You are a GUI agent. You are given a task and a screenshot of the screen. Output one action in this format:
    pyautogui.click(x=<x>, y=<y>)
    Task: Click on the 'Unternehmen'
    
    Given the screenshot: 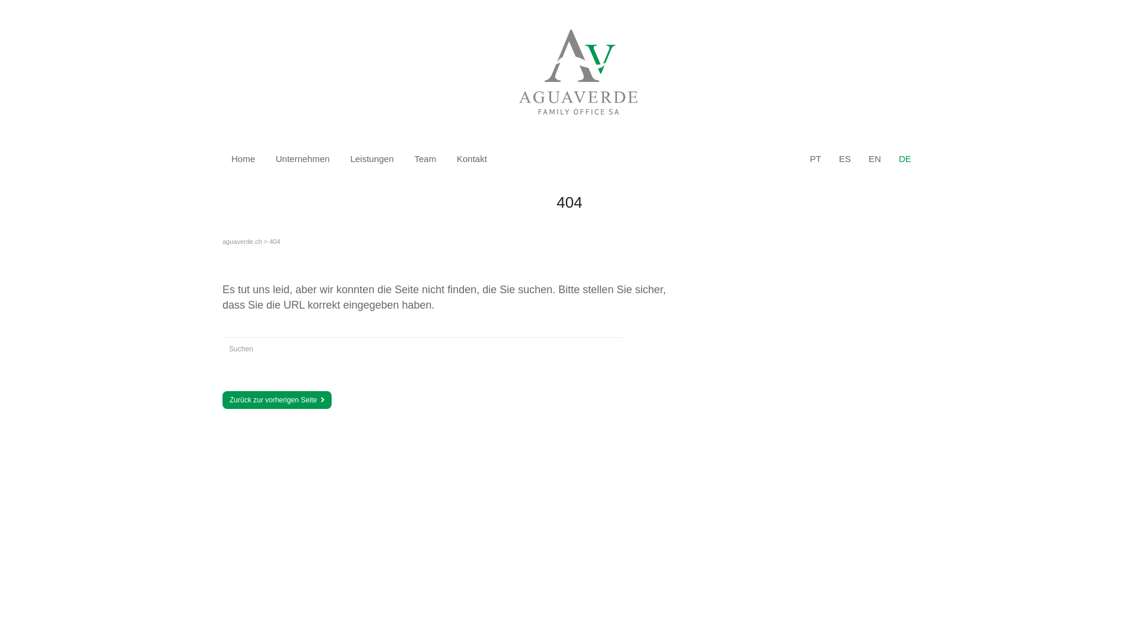 What is the action you would take?
    pyautogui.click(x=303, y=158)
    